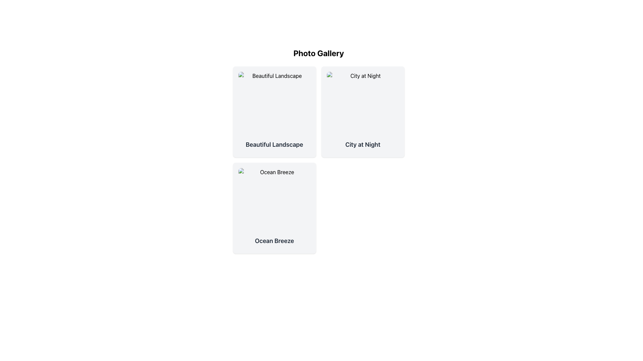 Image resolution: width=643 pixels, height=361 pixels. What do you see at coordinates (274, 112) in the screenshot?
I see `the 'Beautiful Landscape' card, which is the first card in the grid located in the upper-left corner` at bounding box center [274, 112].